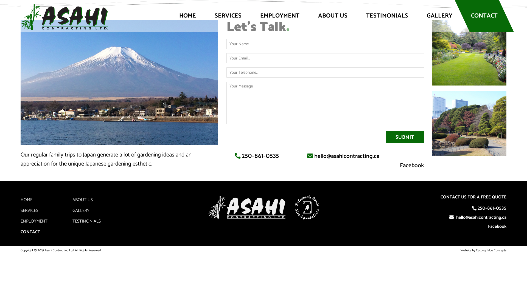 Image resolution: width=527 pixels, height=296 pixels. I want to click on 'hello@asahicontracting.ca', so click(481, 217).